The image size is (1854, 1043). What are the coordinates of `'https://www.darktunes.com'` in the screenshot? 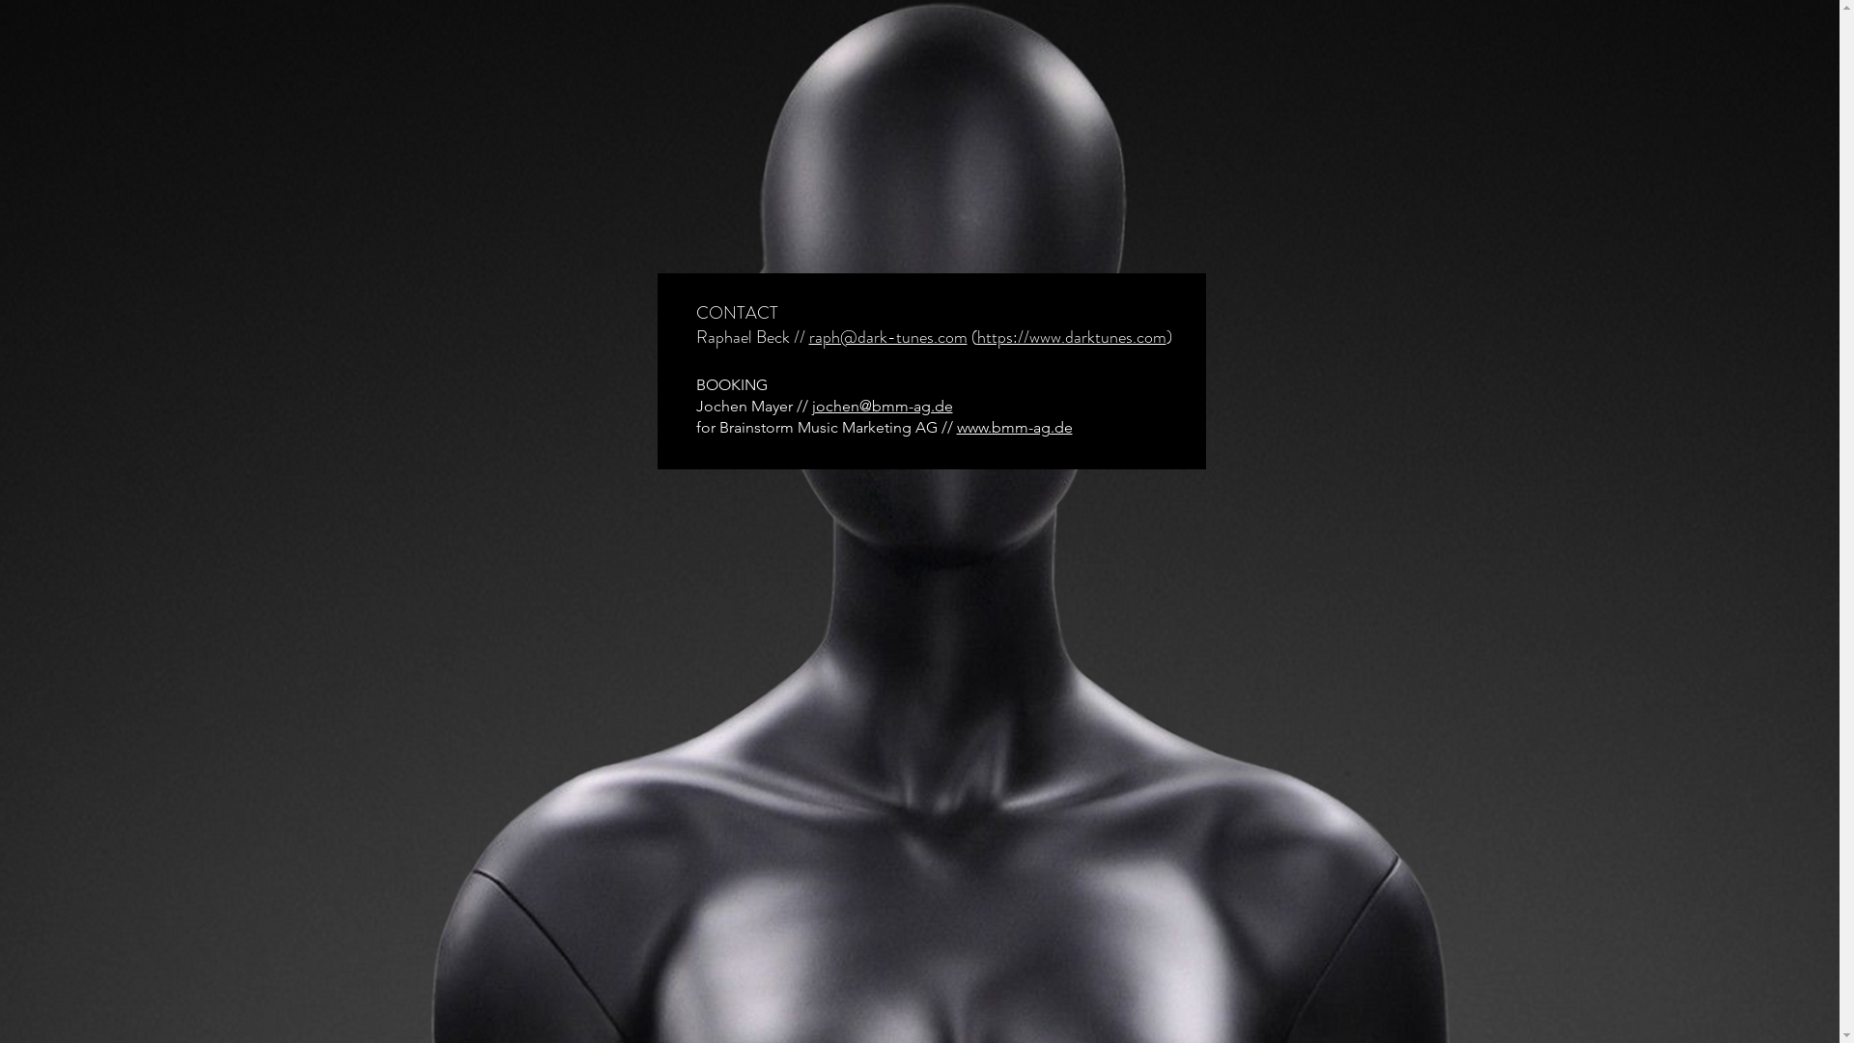 It's located at (1070, 335).